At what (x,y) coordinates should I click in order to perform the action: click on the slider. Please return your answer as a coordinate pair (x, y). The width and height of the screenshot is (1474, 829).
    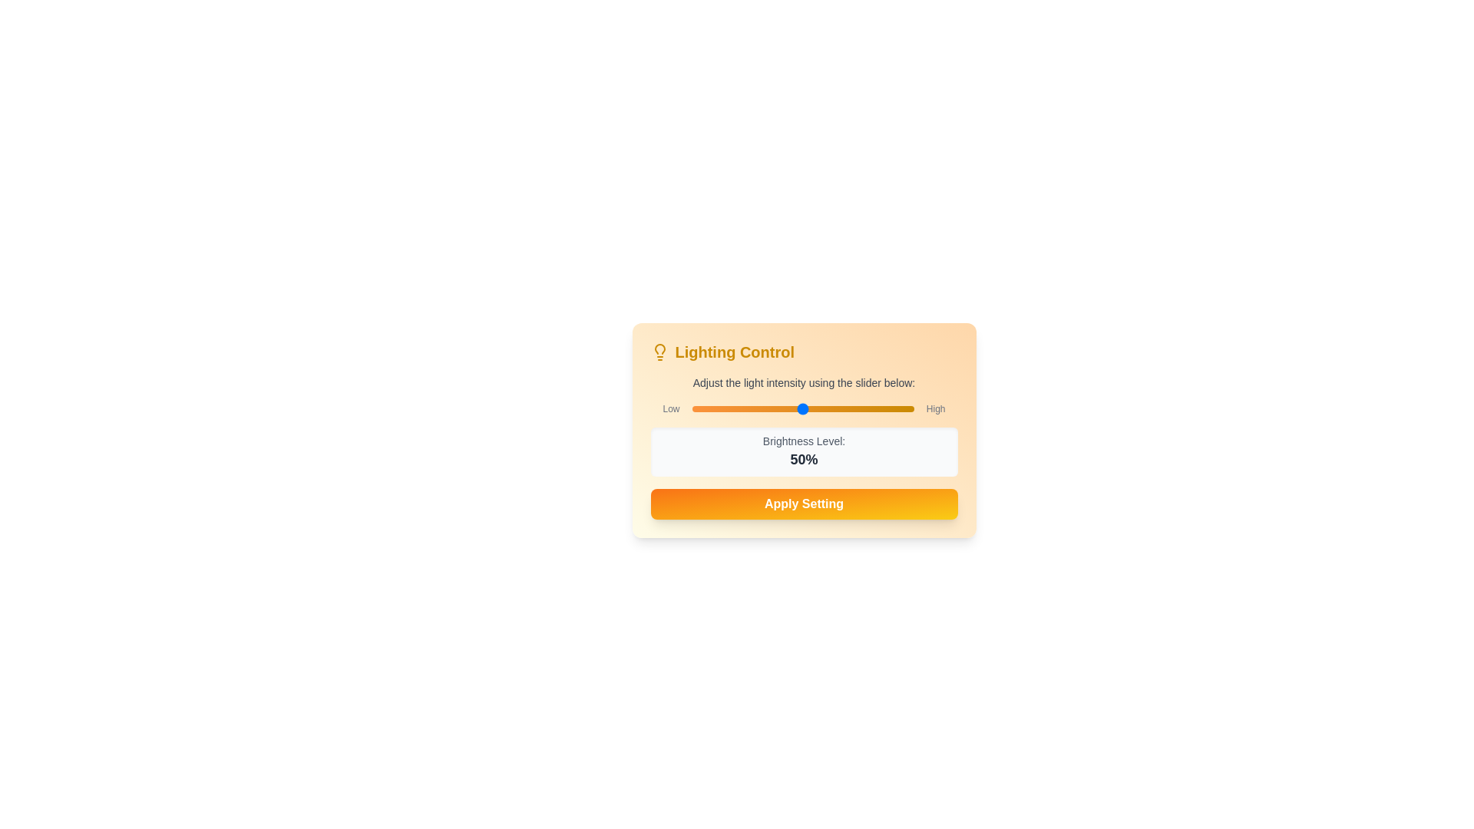
    Looking at the image, I should click on (796, 408).